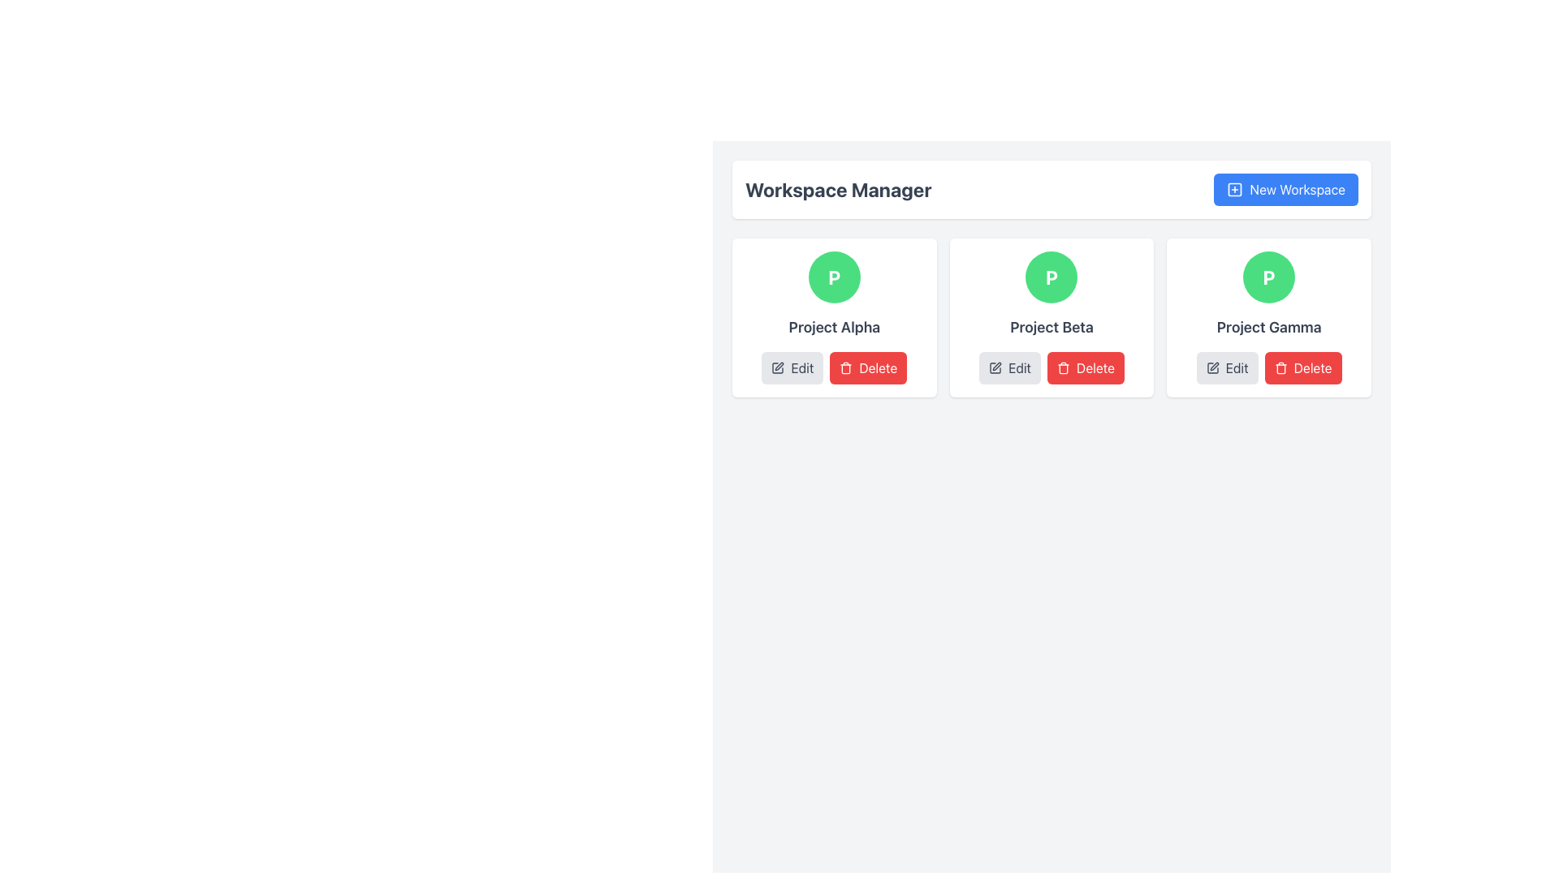 Image resolution: width=1559 pixels, height=876 pixels. Describe the element at coordinates (1052, 318) in the screenshot. I see `the project icon on the Card UI Component representing 'Project Beta', which is the second card in a row of three cards` at that location.